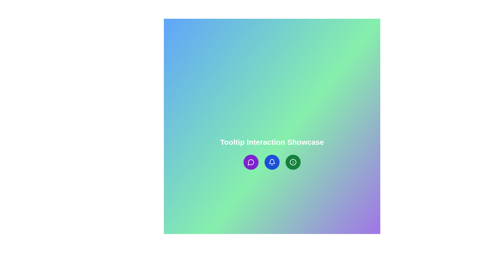 The width and height of the screenshot is (481, 270). What do you see at coordinates (293, 162) in the screenshot?
I see `the third button in the horizontal row, which displays informational content` at bounding box center [293, 162].